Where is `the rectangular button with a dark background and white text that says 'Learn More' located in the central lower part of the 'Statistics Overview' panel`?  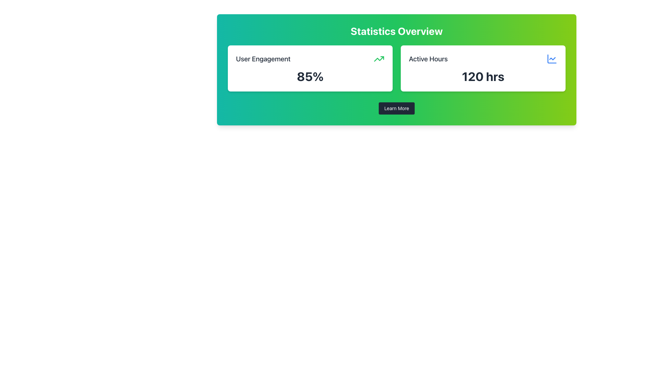
the rectangular button with a dark background and white text that says 'Learn More' located in the central lower part of the 'Statistics Overview' panel is located at coordinates (397, 108).